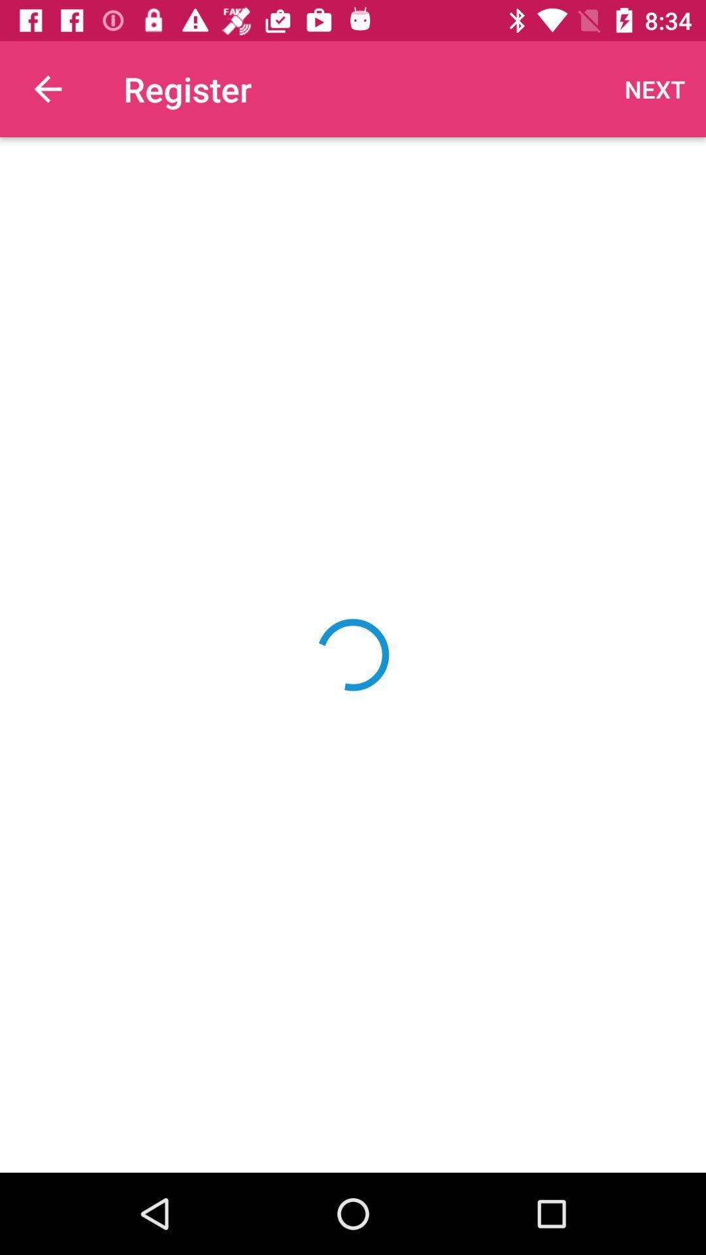 This screenshot has height=1255, width=706. Describe the element at coordinates (655, 88) in the screenshot. I see `next item` at that location.